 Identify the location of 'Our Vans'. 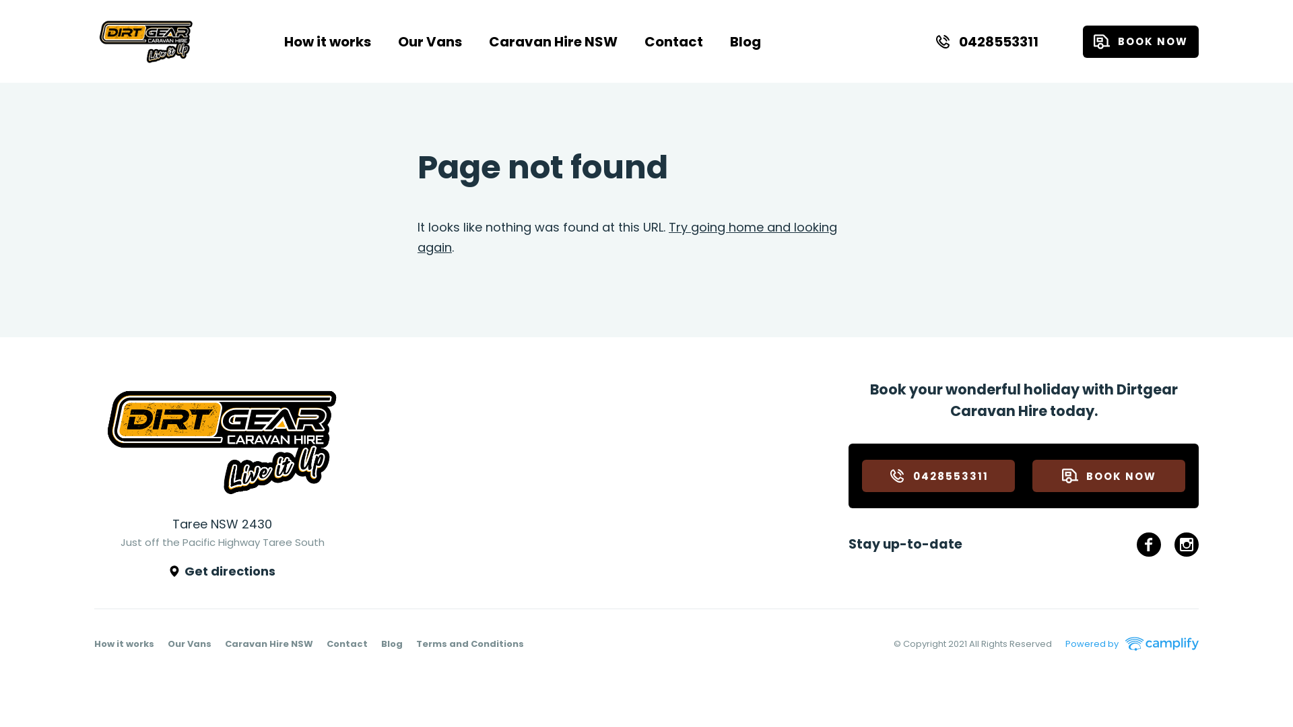
(189, 643).